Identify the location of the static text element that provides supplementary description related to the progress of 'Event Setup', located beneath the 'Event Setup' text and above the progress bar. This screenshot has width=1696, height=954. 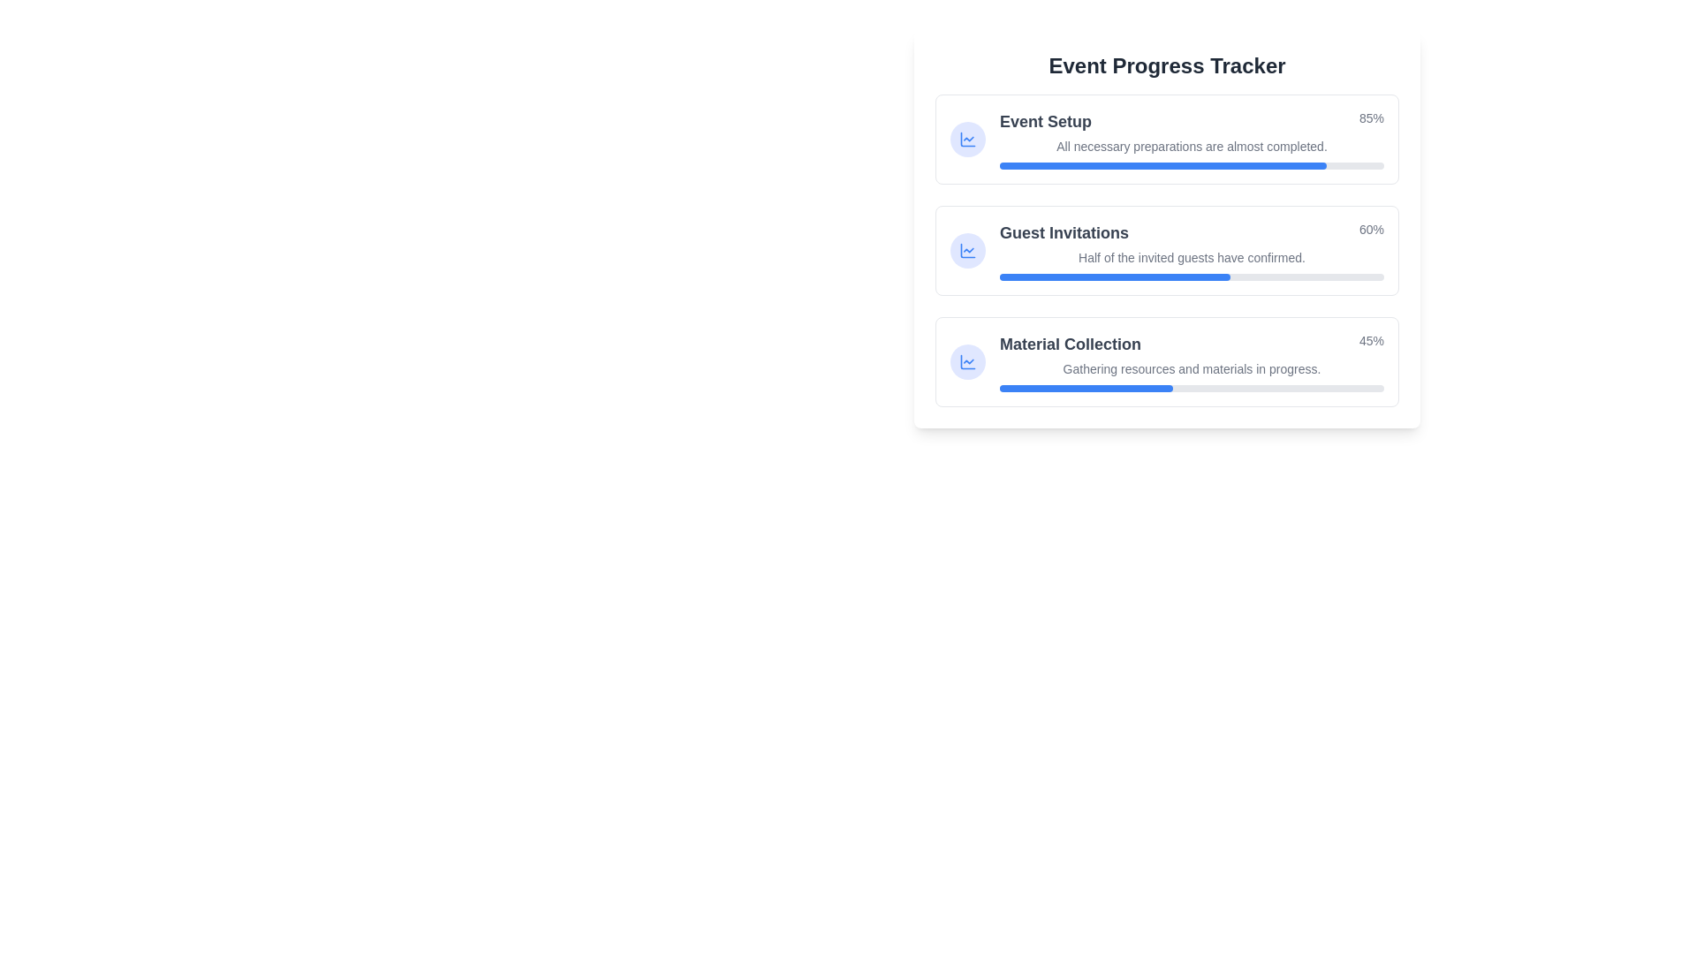
(1192, 145).